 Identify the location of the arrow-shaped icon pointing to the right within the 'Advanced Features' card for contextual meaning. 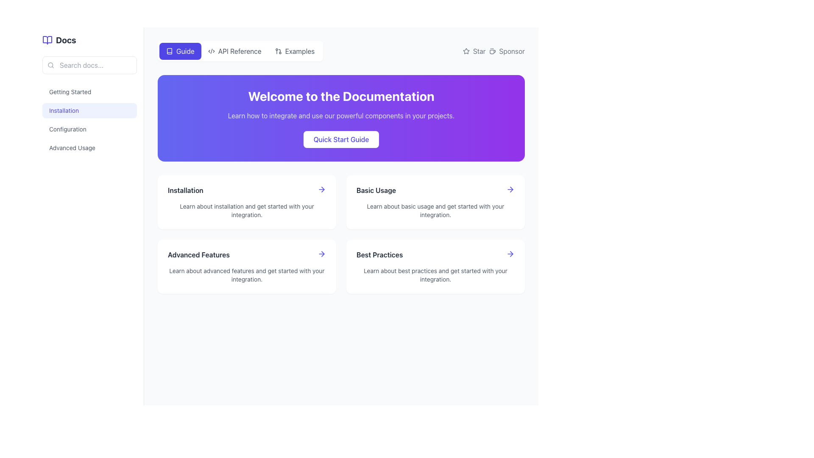
(322, 253).